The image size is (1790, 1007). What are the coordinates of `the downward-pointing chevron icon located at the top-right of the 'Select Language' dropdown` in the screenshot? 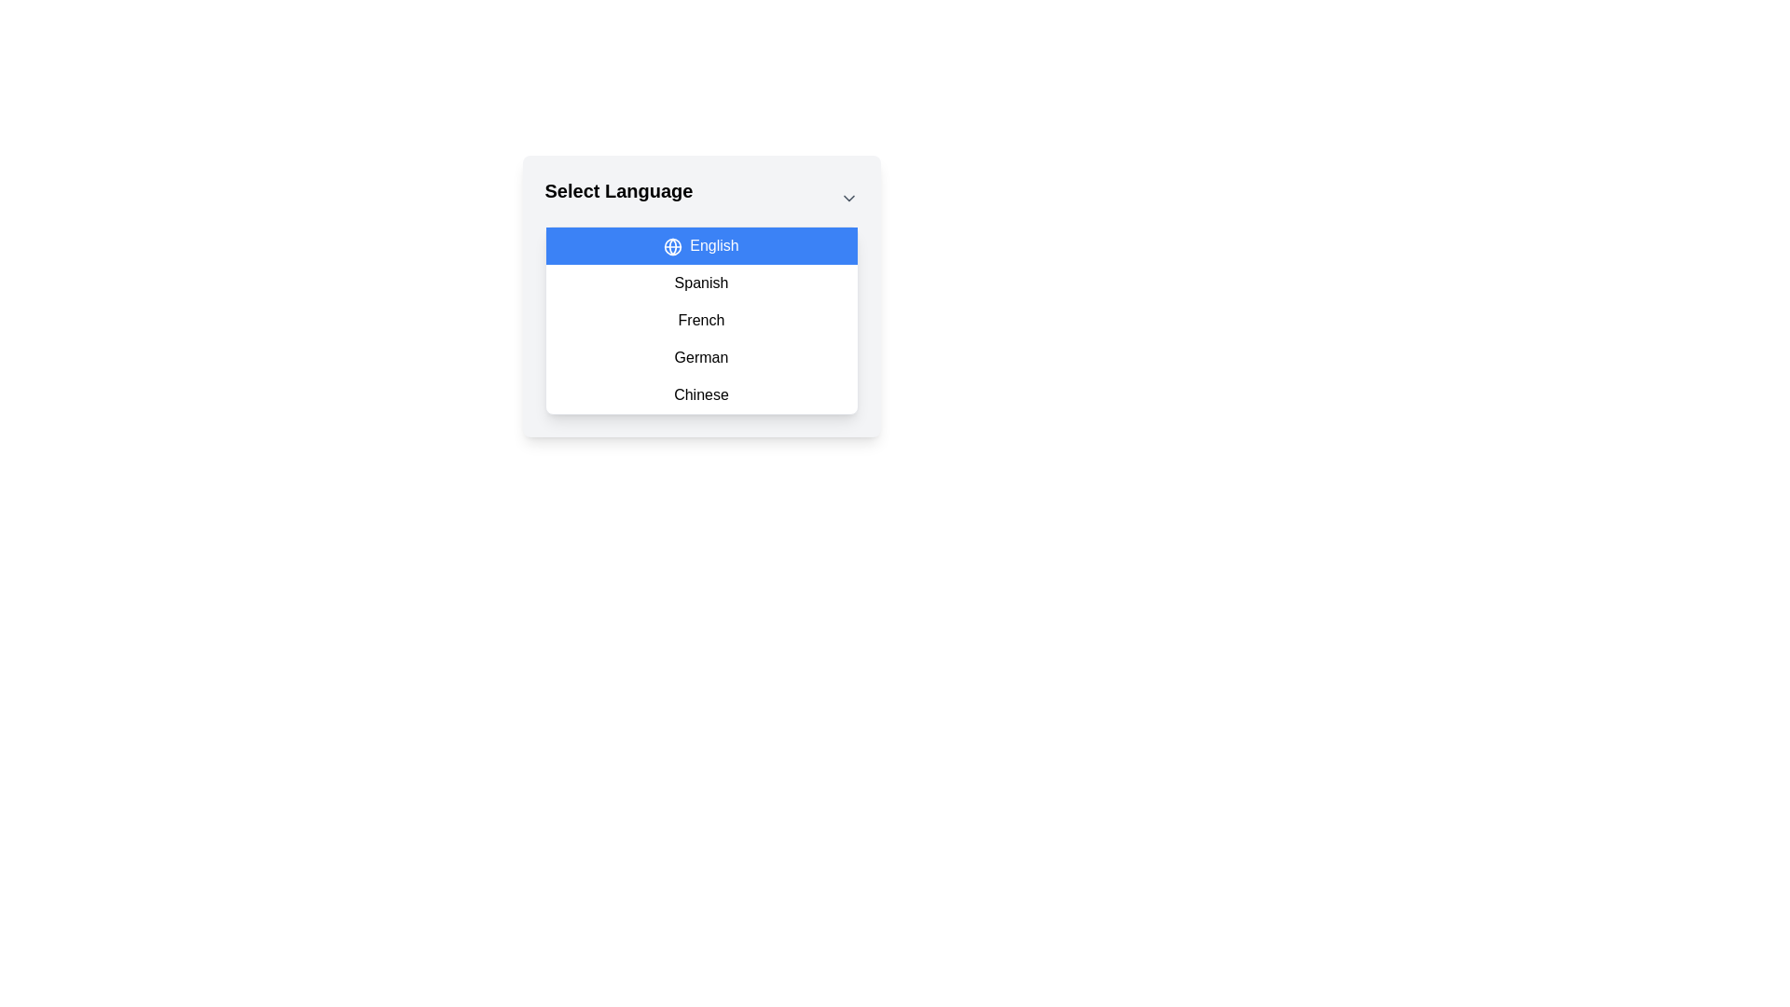 It's located at (847, 198).